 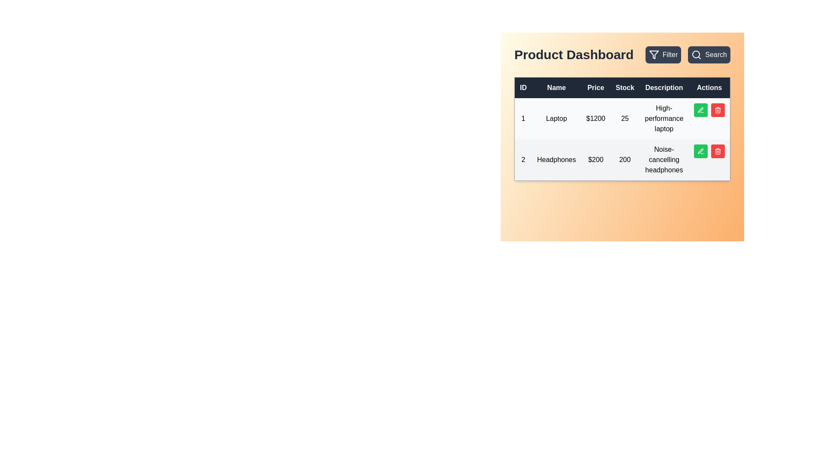 What do you see at coordinates (718, 151) in the screenshot?
I see `the trash can icon located` at bounding box center [718, 151].